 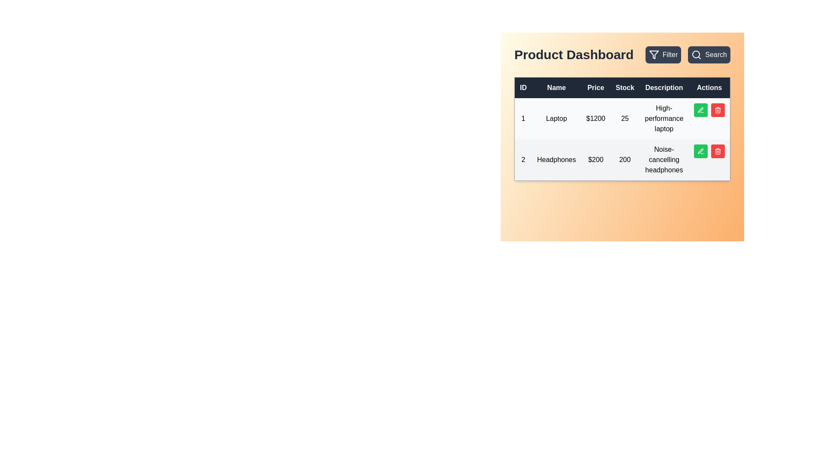 What do you see at coordinates (718, 151) in the screenshot?
I see `the trash can icon located` at bounding box center [718, 151].